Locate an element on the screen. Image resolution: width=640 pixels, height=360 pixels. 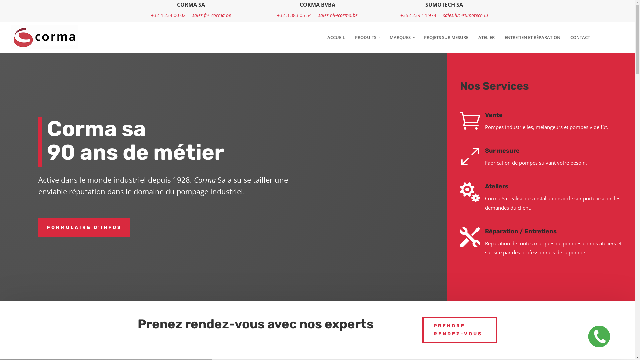
'PROJETS SUR MESURE' is located at coordinates (446, 43).